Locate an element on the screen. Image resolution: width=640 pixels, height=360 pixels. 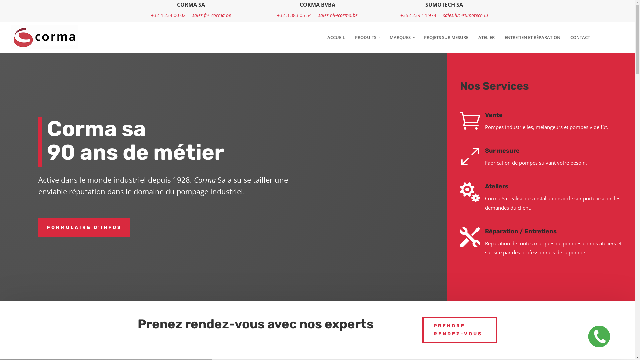
'PROJETS SUR MESURE' is located at coordinates (446, 43).